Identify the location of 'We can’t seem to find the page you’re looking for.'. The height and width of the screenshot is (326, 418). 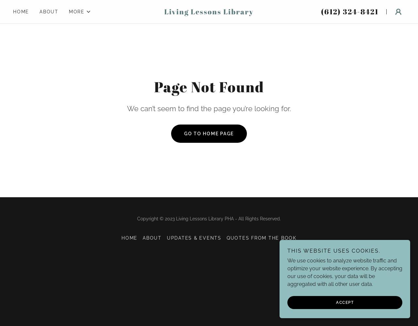
(209, 108).